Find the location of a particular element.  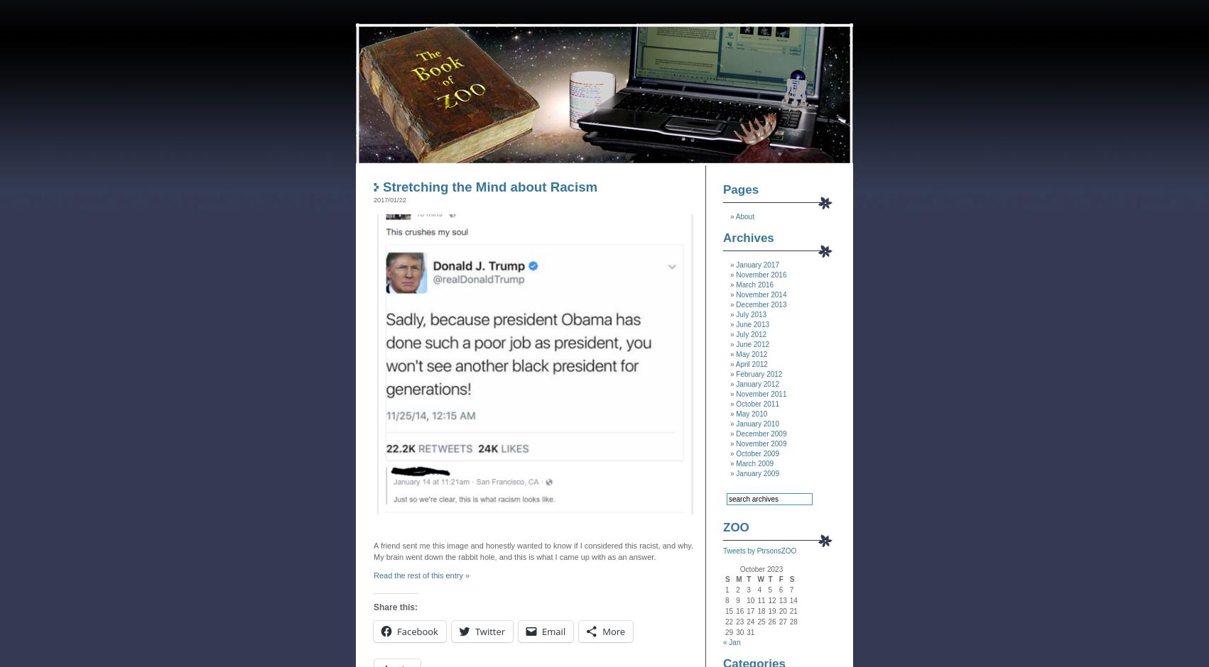

'26' is located at coordinates (771, 622).